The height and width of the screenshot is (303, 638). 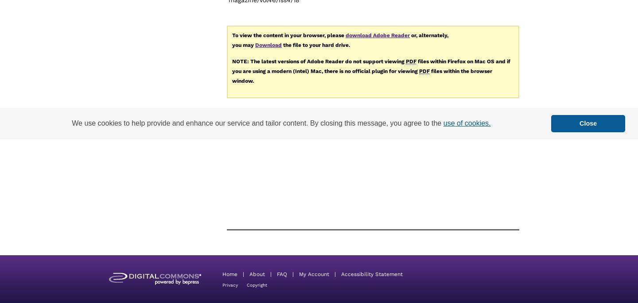 I want to click on 'My Account', so click(x=314, y=273).